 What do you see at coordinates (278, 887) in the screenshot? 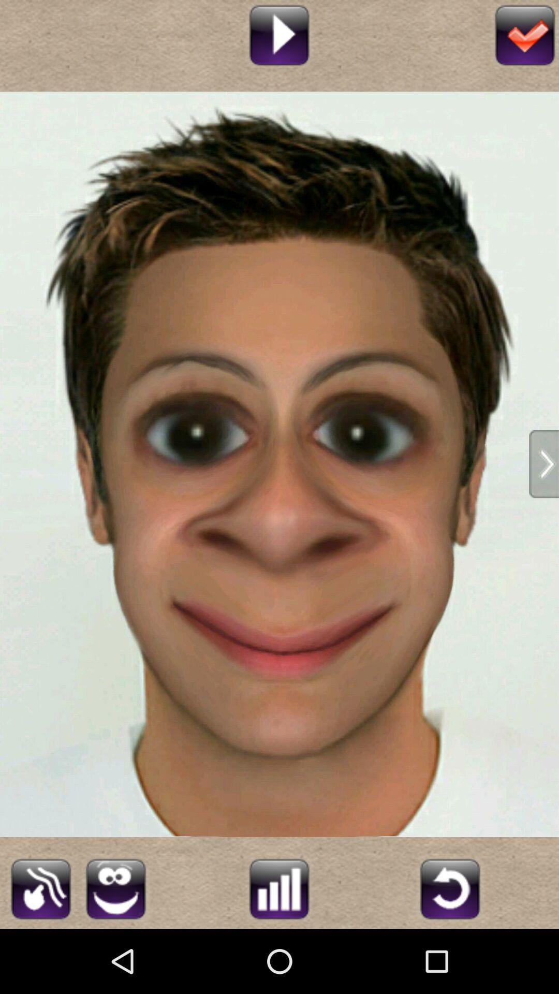
I see `photo editor is available` at bounding box center [278, 887].